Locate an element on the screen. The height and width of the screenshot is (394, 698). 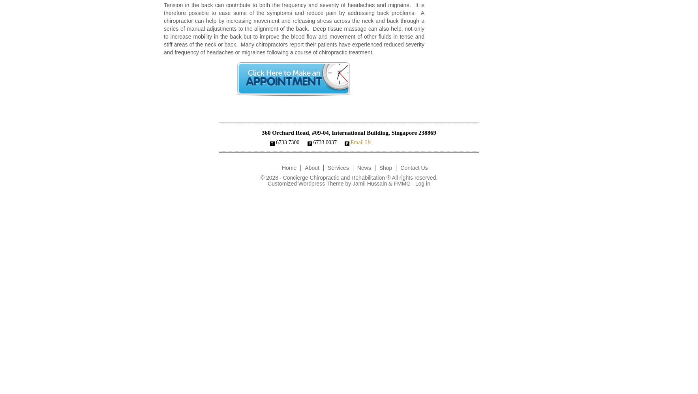
'About' is located at coordinates (311, 168).